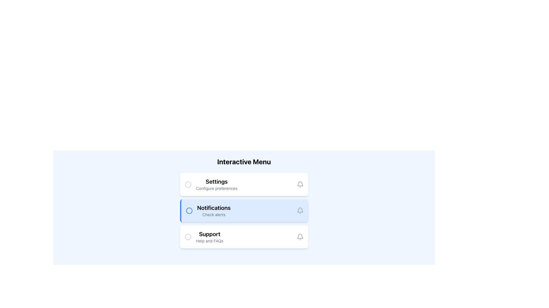  I want to click on the Radio Button located on the leftmost region of the 'Support' section, so click(188, 237).